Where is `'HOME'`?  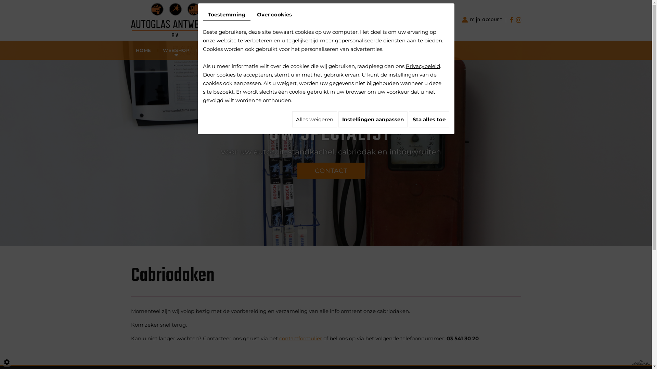 'HOME' is located at coordinates (128, 50).